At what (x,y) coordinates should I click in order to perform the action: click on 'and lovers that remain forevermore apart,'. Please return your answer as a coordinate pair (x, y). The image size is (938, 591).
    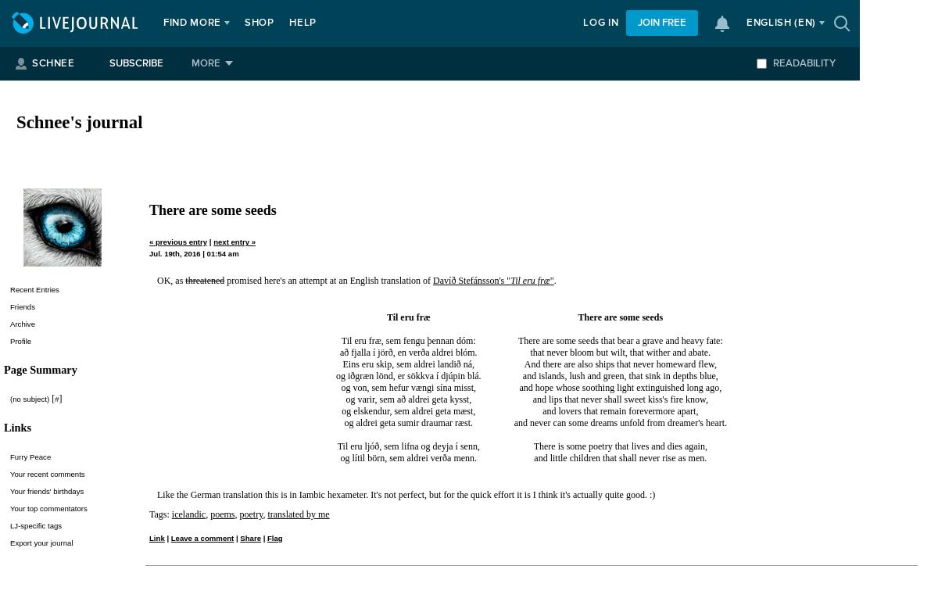
    Looking at the image, I should click on (619, 410).